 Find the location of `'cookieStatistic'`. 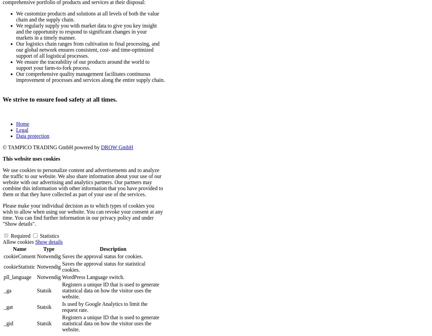

'cookieStatistic' is located at coordinates (19, 266).